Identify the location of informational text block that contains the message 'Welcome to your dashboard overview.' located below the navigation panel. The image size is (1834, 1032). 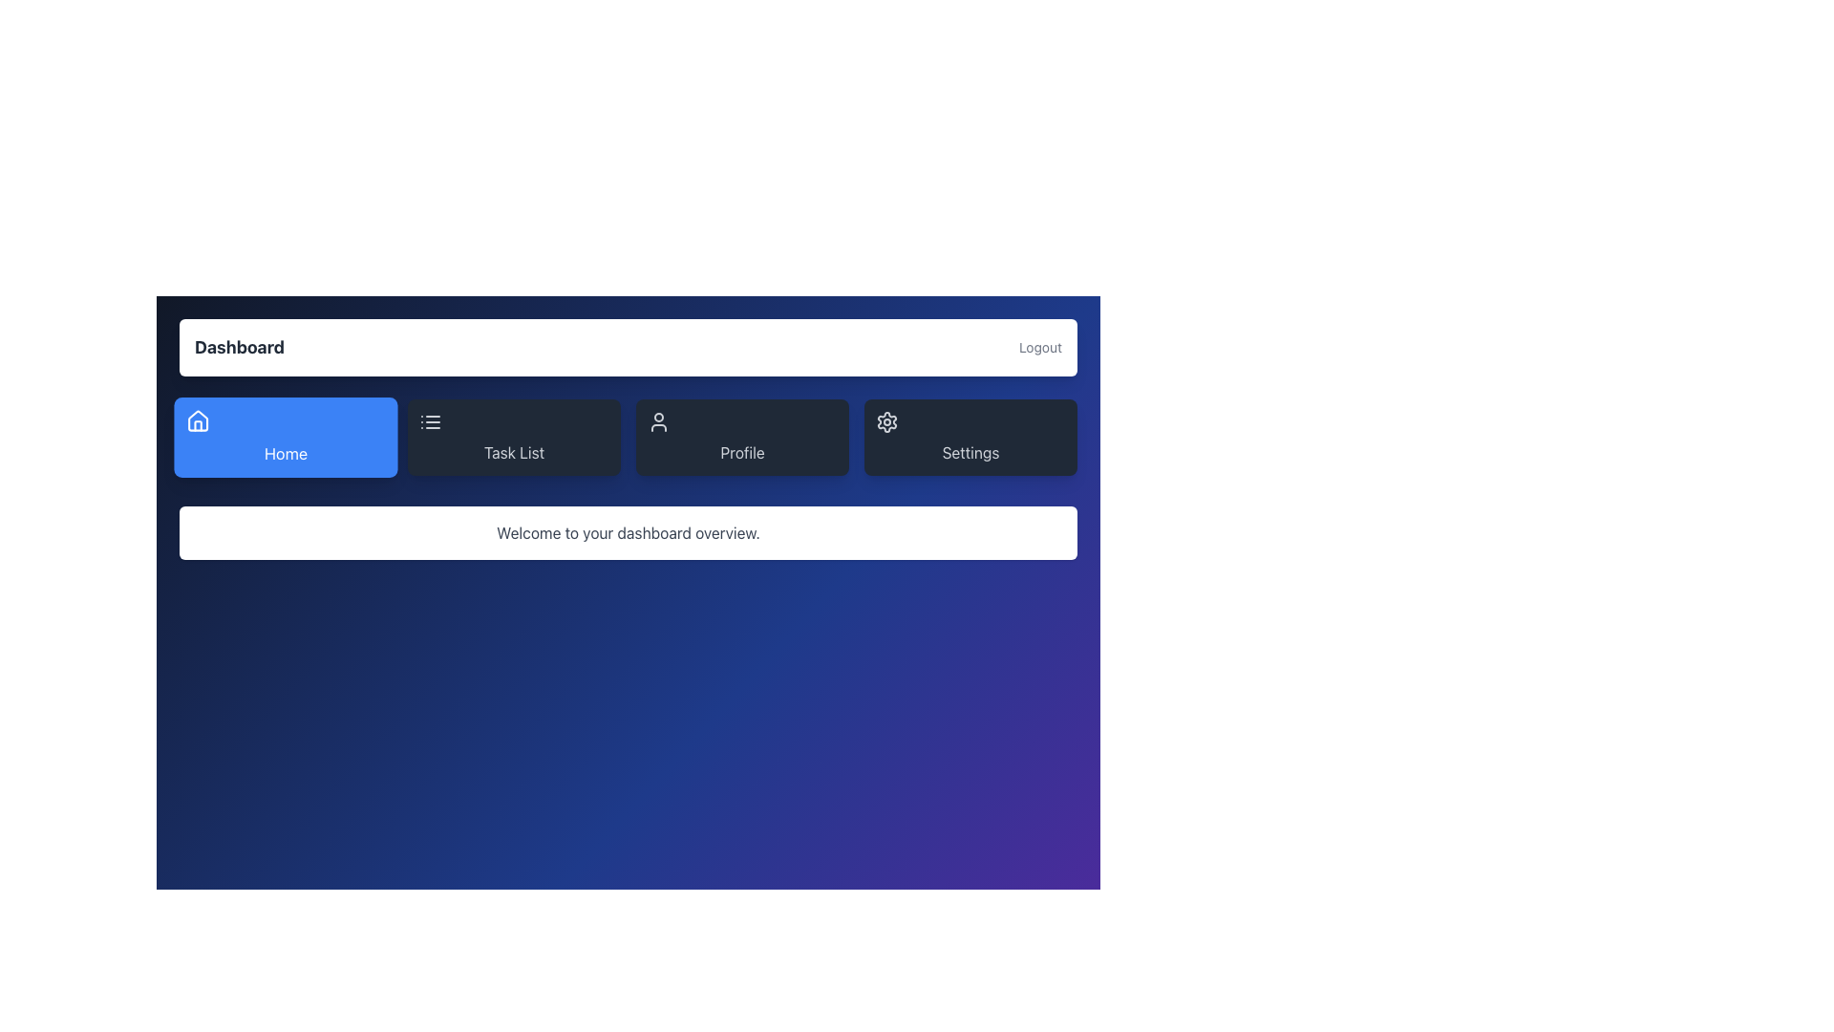
(628, 533).